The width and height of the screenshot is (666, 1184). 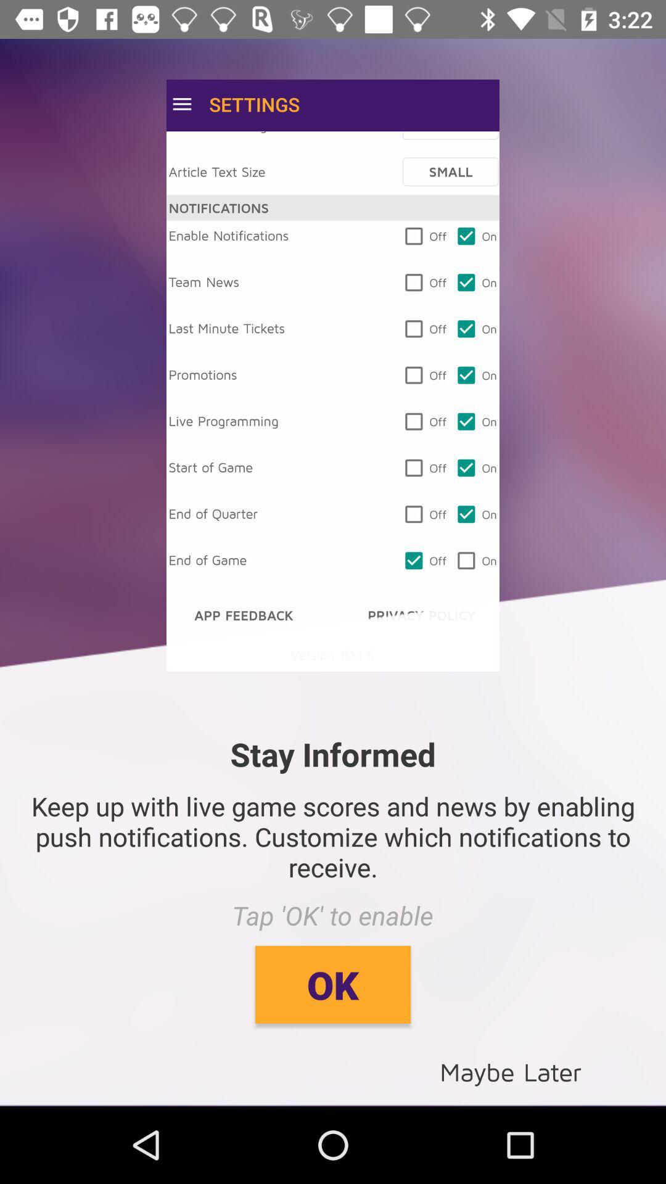 What do you see at coordinates (511, 1071) in the screenshot?
I see `maybe later at the bottom right corner` at bounding box center [511, 1071].